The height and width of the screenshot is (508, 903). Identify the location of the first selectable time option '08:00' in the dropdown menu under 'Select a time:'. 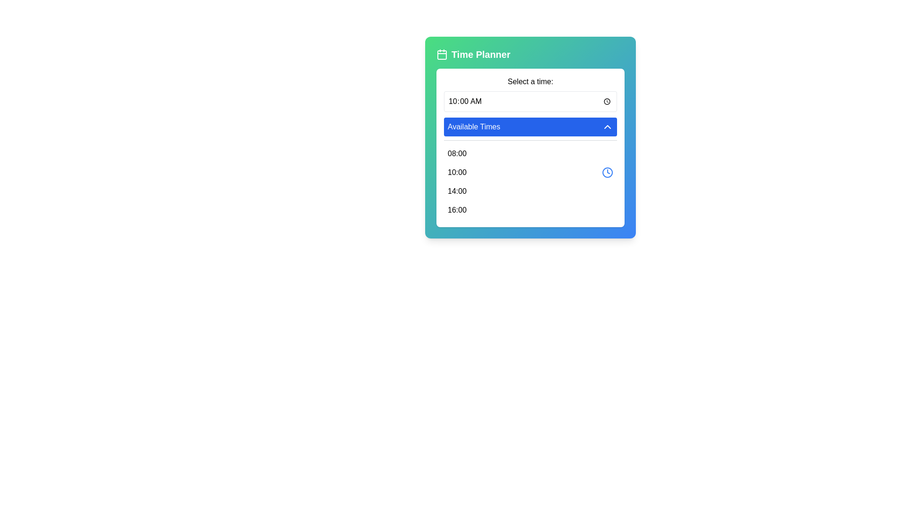
(531, 153).